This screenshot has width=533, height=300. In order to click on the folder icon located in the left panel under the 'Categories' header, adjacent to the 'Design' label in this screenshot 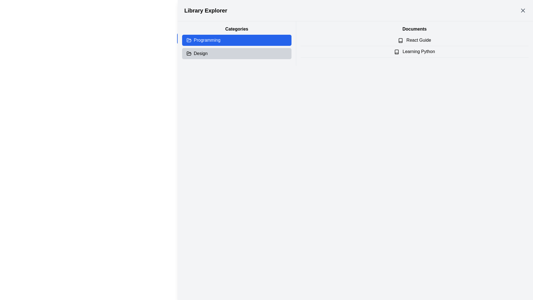, I will do `click(189, 53)`.